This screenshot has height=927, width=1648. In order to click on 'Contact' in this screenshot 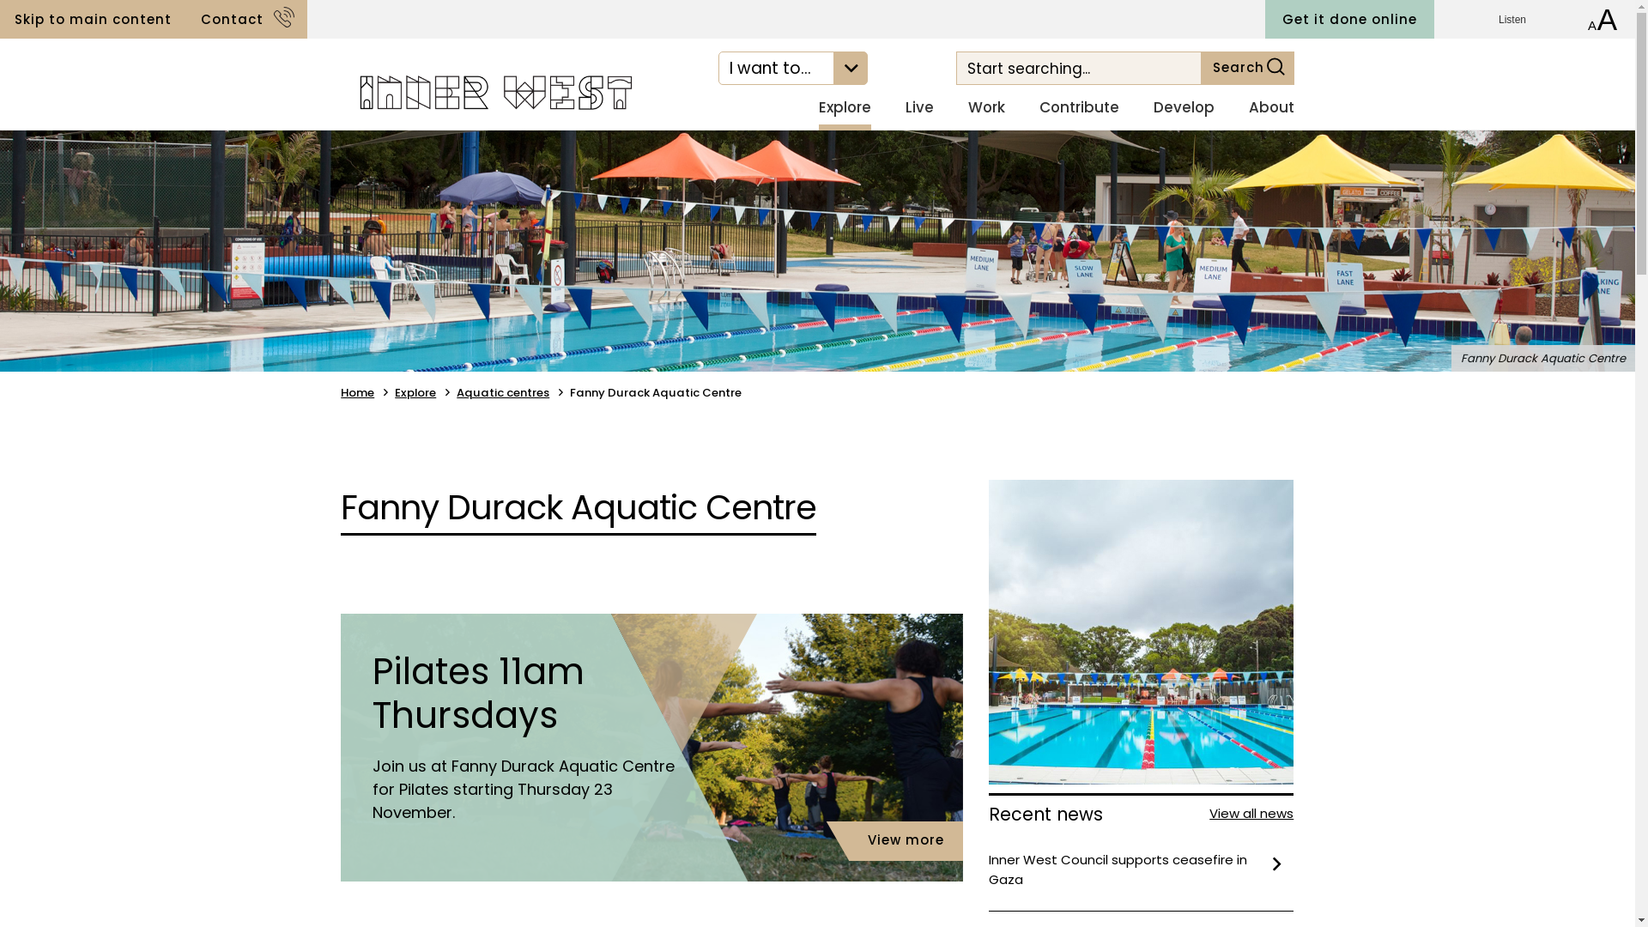, I will do `click(245, 19)`.